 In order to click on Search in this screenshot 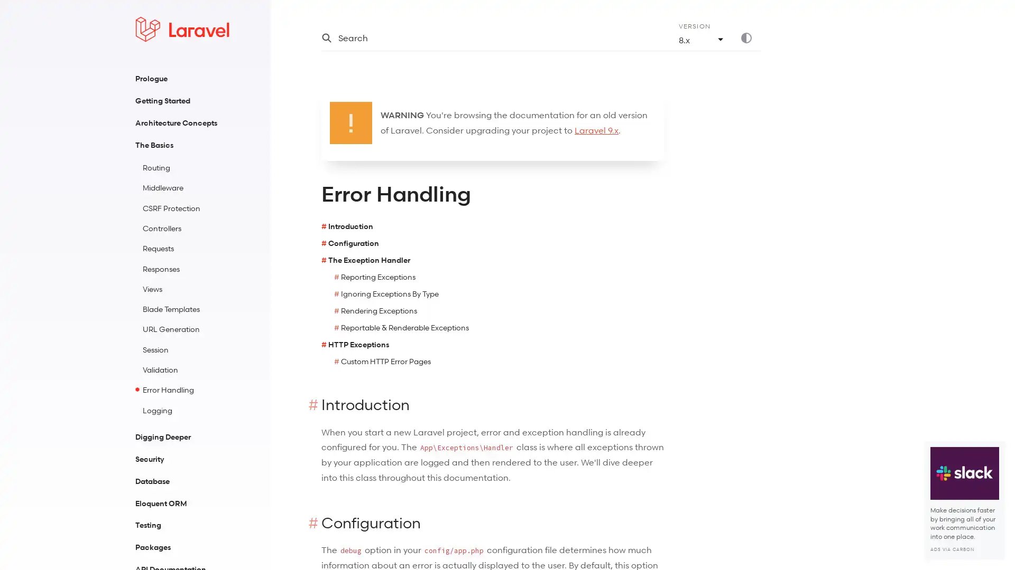, I will do `click(486, 37)`.